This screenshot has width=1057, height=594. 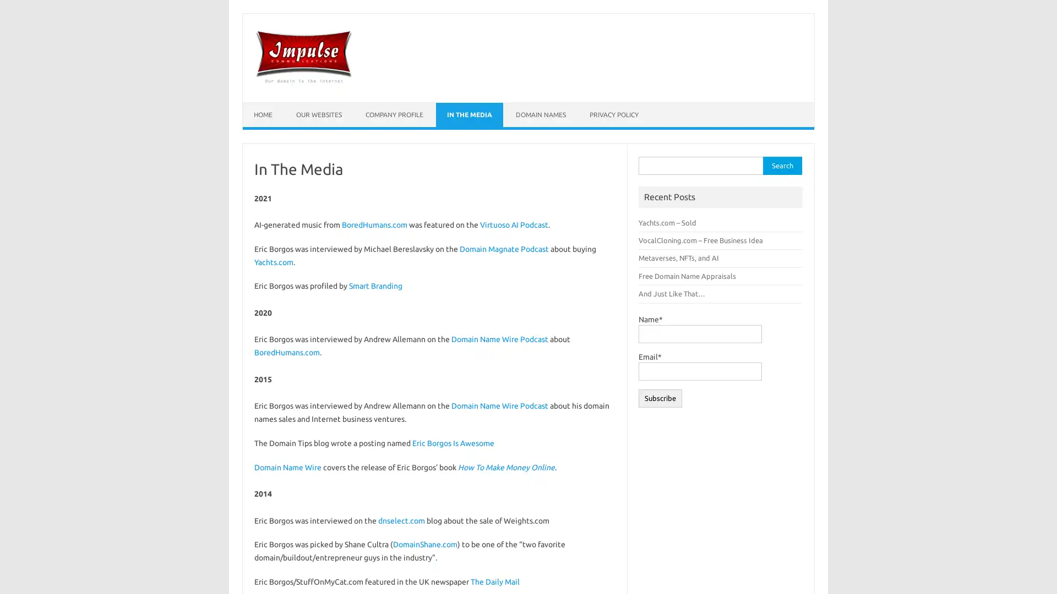 I want to click on Subscribe, so click(x=660, y=398).